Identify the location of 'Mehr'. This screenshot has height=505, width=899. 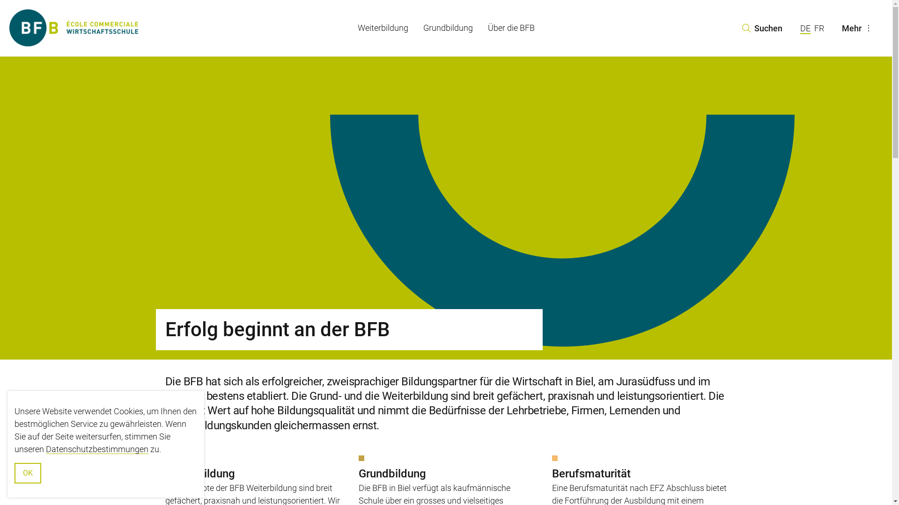
(858, 27).